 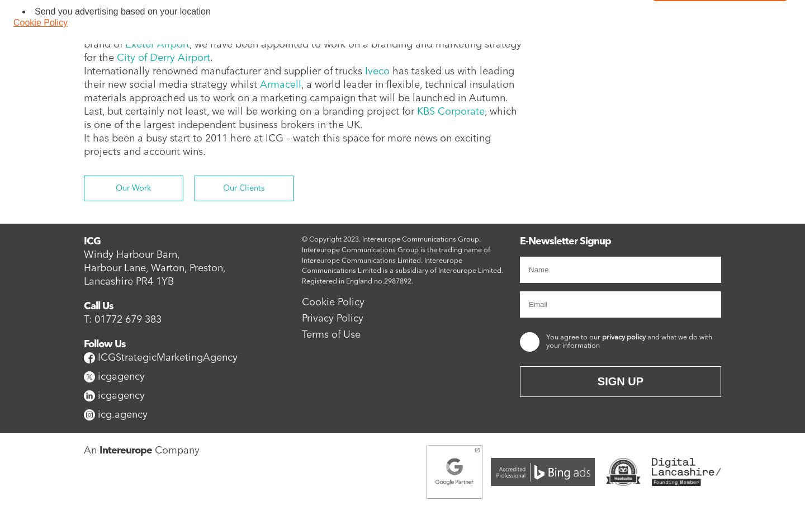 What do you see at coordinates (298, 77) in the screenshot?
I see `'has tasked us with leading their new social media strategy whilst'` at bounding box center [298, 77].